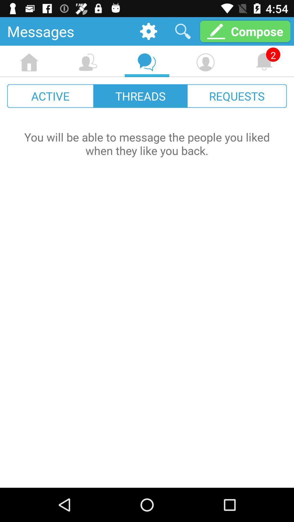 The width and height of the screenshot is (294, 522). Describe the element at coordinates (140, 96) in the screenshot. I see `icon next to the requests` at that location.